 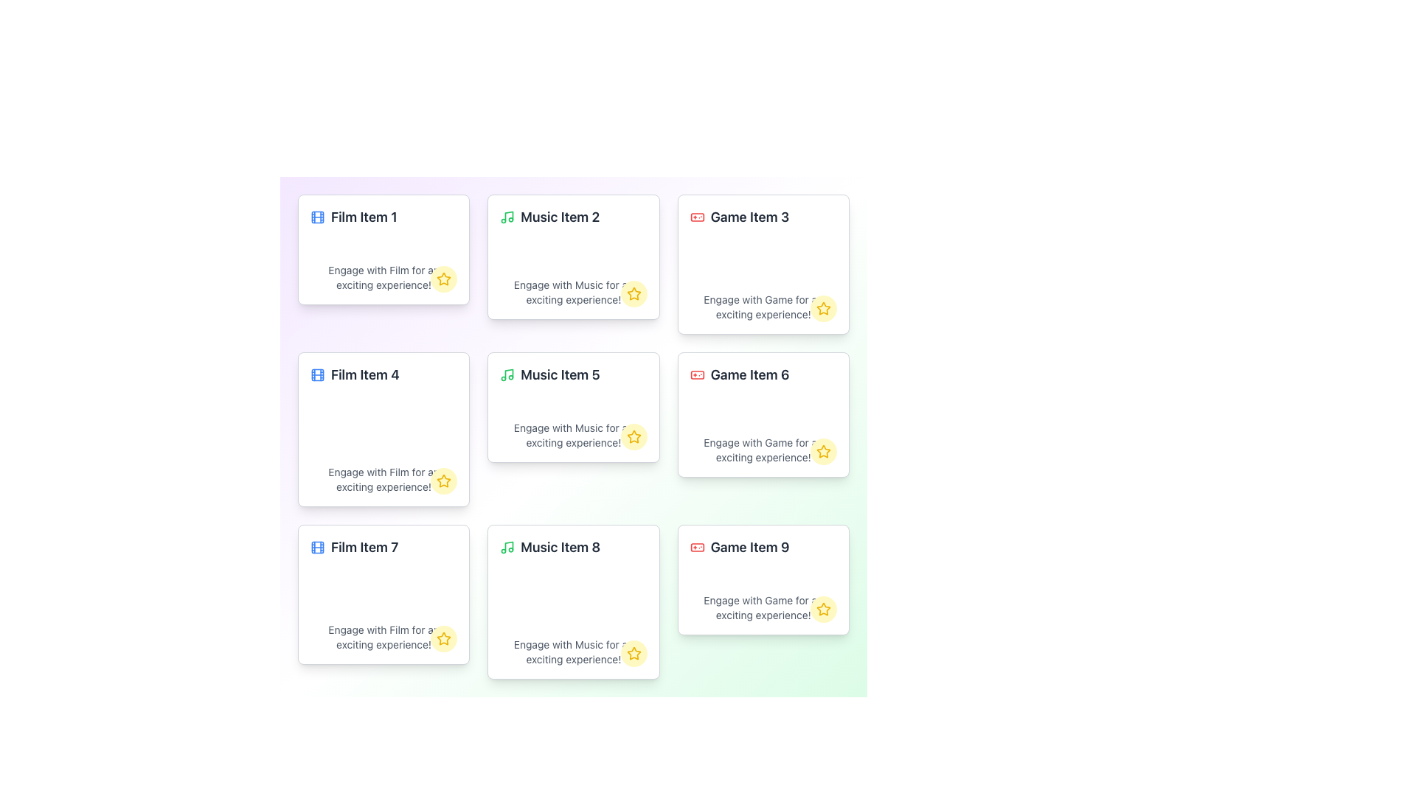 I want to click on the Icon button located at the bottom-right corner of the 'Music Item 2' card, which is used to mark the item as a favorite or give it a higher priority, so click(x=634, y=293).